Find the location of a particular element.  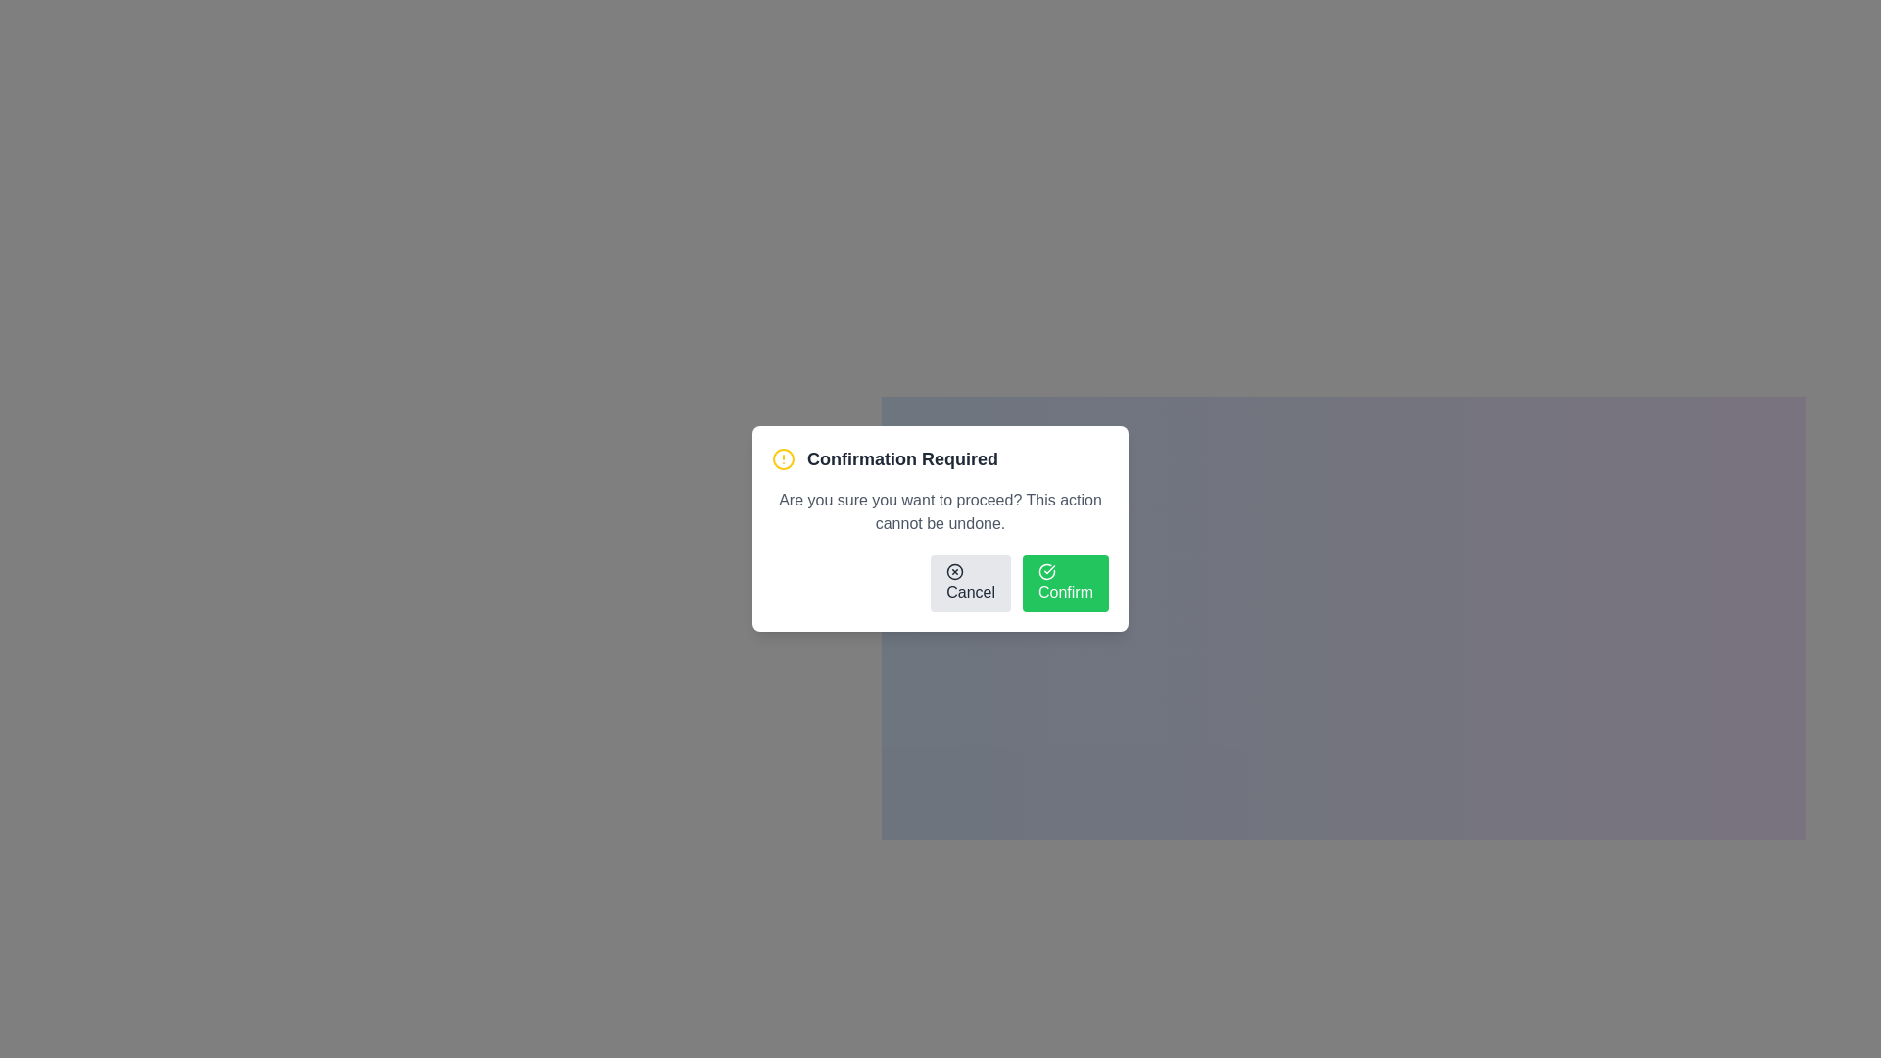

the cautionary icon located at the top-left of the confirmation dialog box, adjacent to the 'Confirmation Required' text is located at coordinates (784, 459).